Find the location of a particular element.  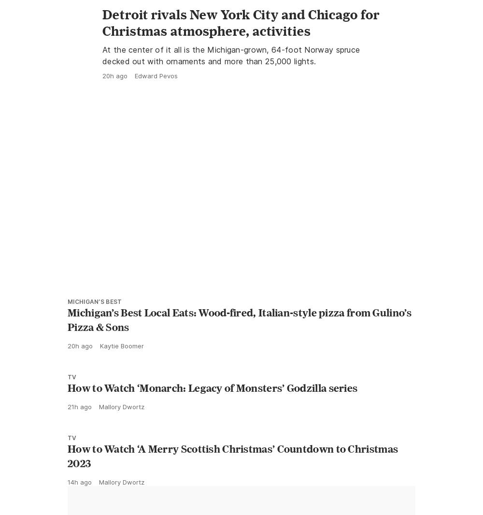

'Edward Pevos' is located at coordinates (156, 97).